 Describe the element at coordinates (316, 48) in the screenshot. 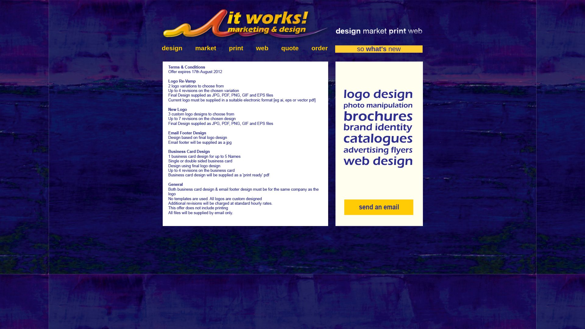

I see `'order'` at that location.